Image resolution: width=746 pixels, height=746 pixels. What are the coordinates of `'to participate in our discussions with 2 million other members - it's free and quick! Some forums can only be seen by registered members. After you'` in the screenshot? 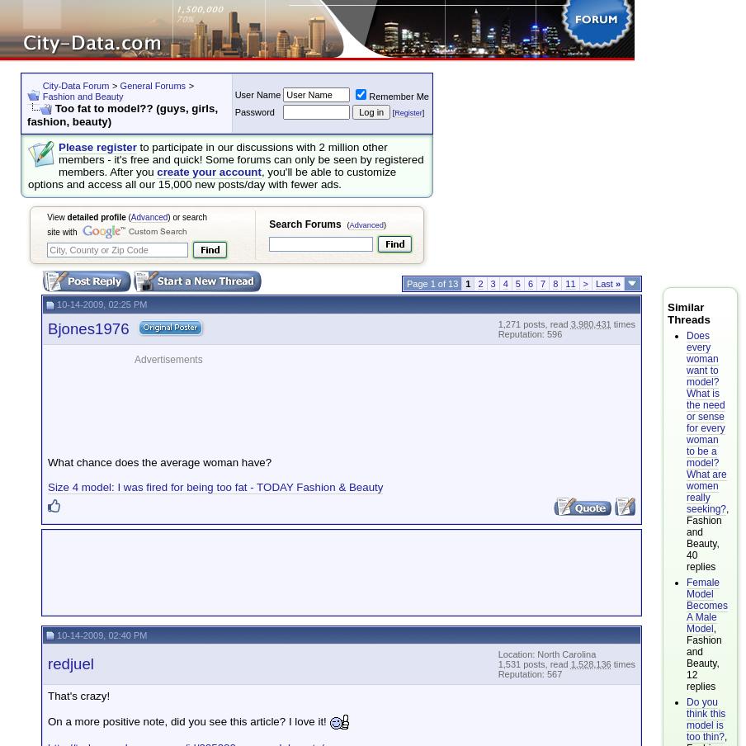 It's located at (240, 158).